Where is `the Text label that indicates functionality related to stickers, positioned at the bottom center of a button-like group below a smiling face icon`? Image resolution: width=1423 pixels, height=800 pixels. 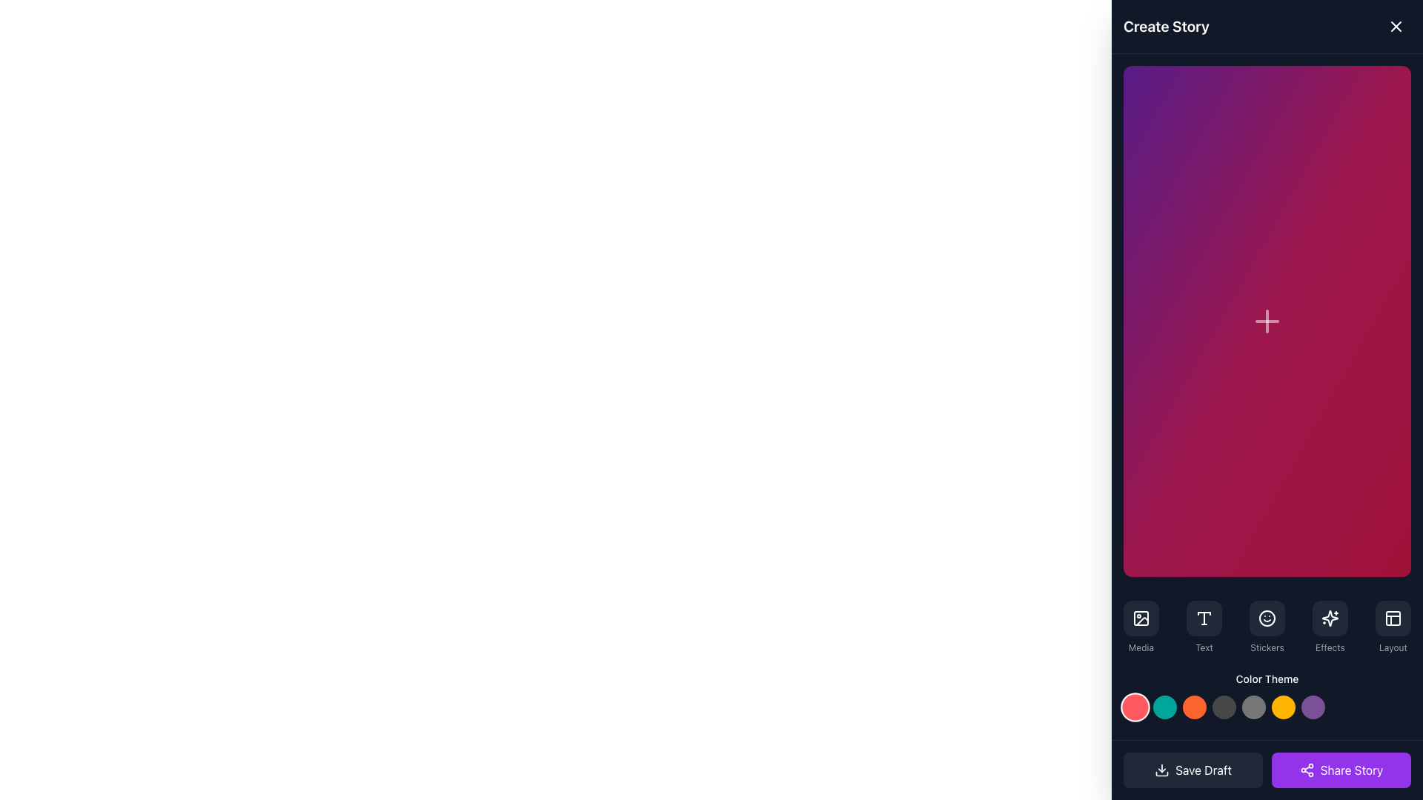 the Text label that indicates functionality related to stickers, positioned at the bottom center of a button-like group below a smiling face icon is located at coordinates (1266, 647).